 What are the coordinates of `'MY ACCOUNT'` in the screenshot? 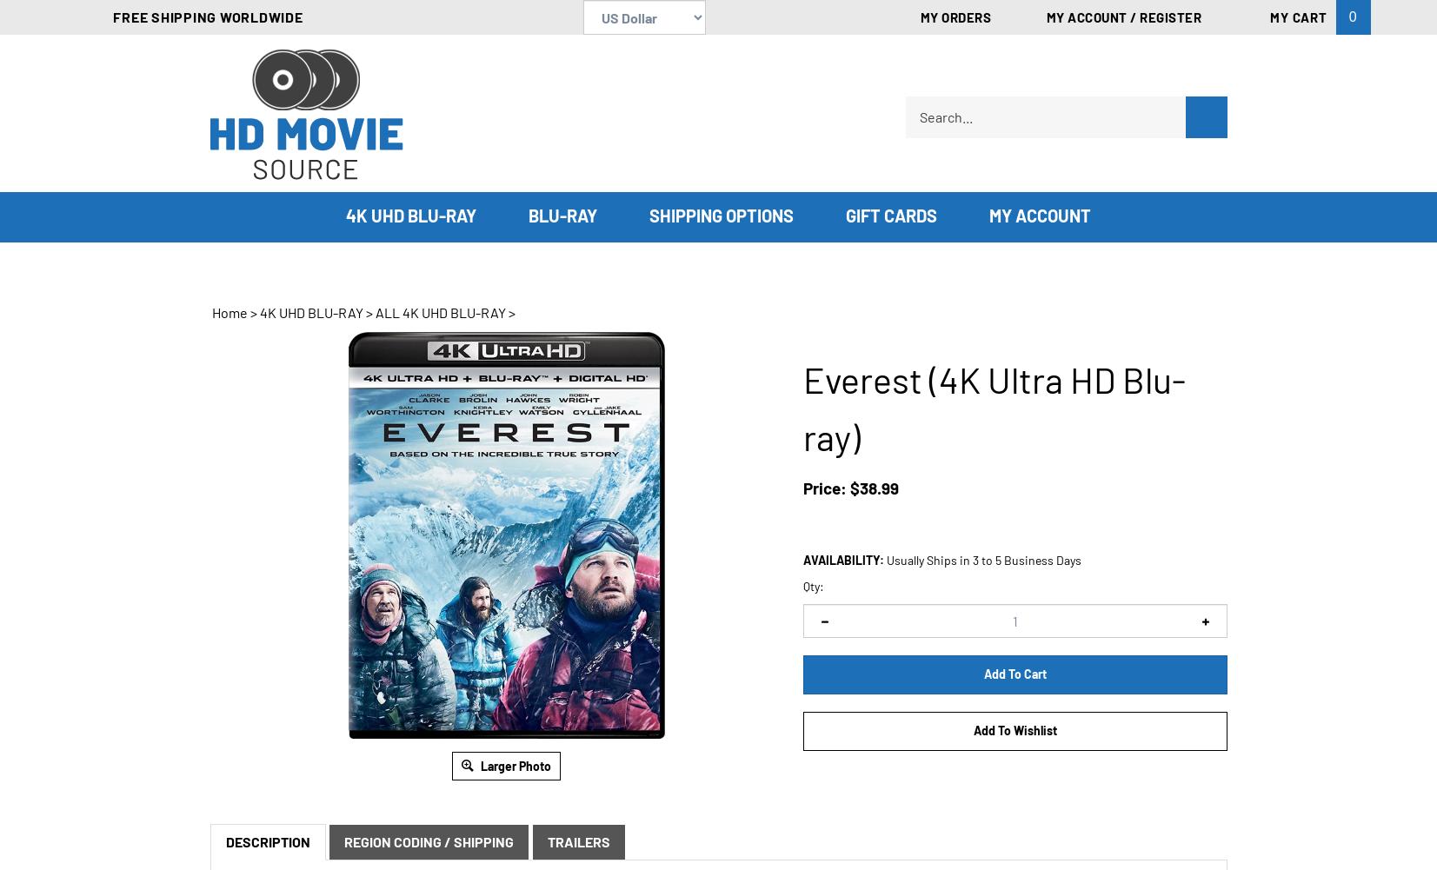 It's located at (988, 215).